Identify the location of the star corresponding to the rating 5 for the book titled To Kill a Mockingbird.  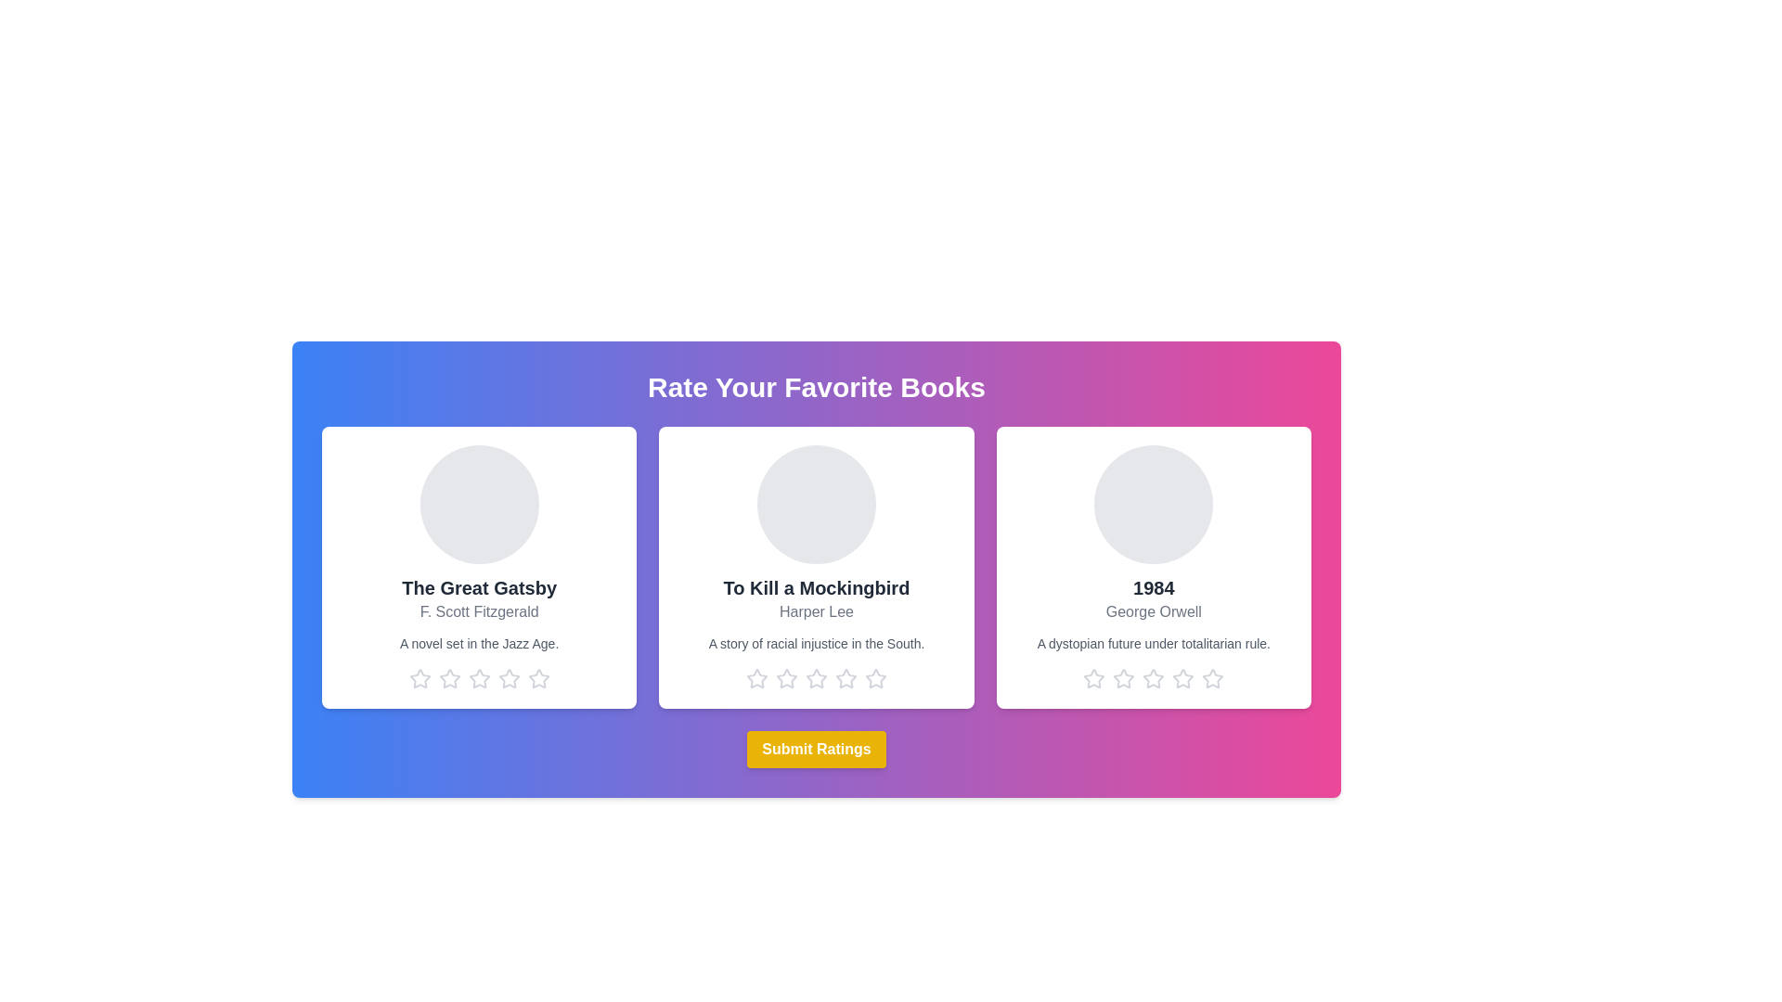
(875, 679).